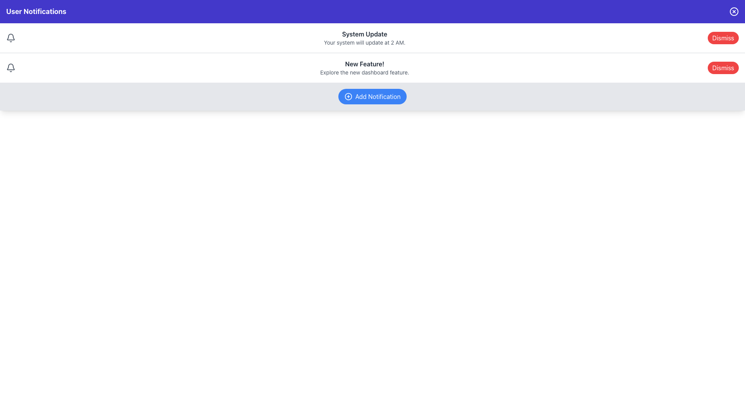  What do you see at coordinates (11, 67) in the screenshot?
I see `the notification icon, which is the first element within a notification card, located` at bounding box center [11, 67].